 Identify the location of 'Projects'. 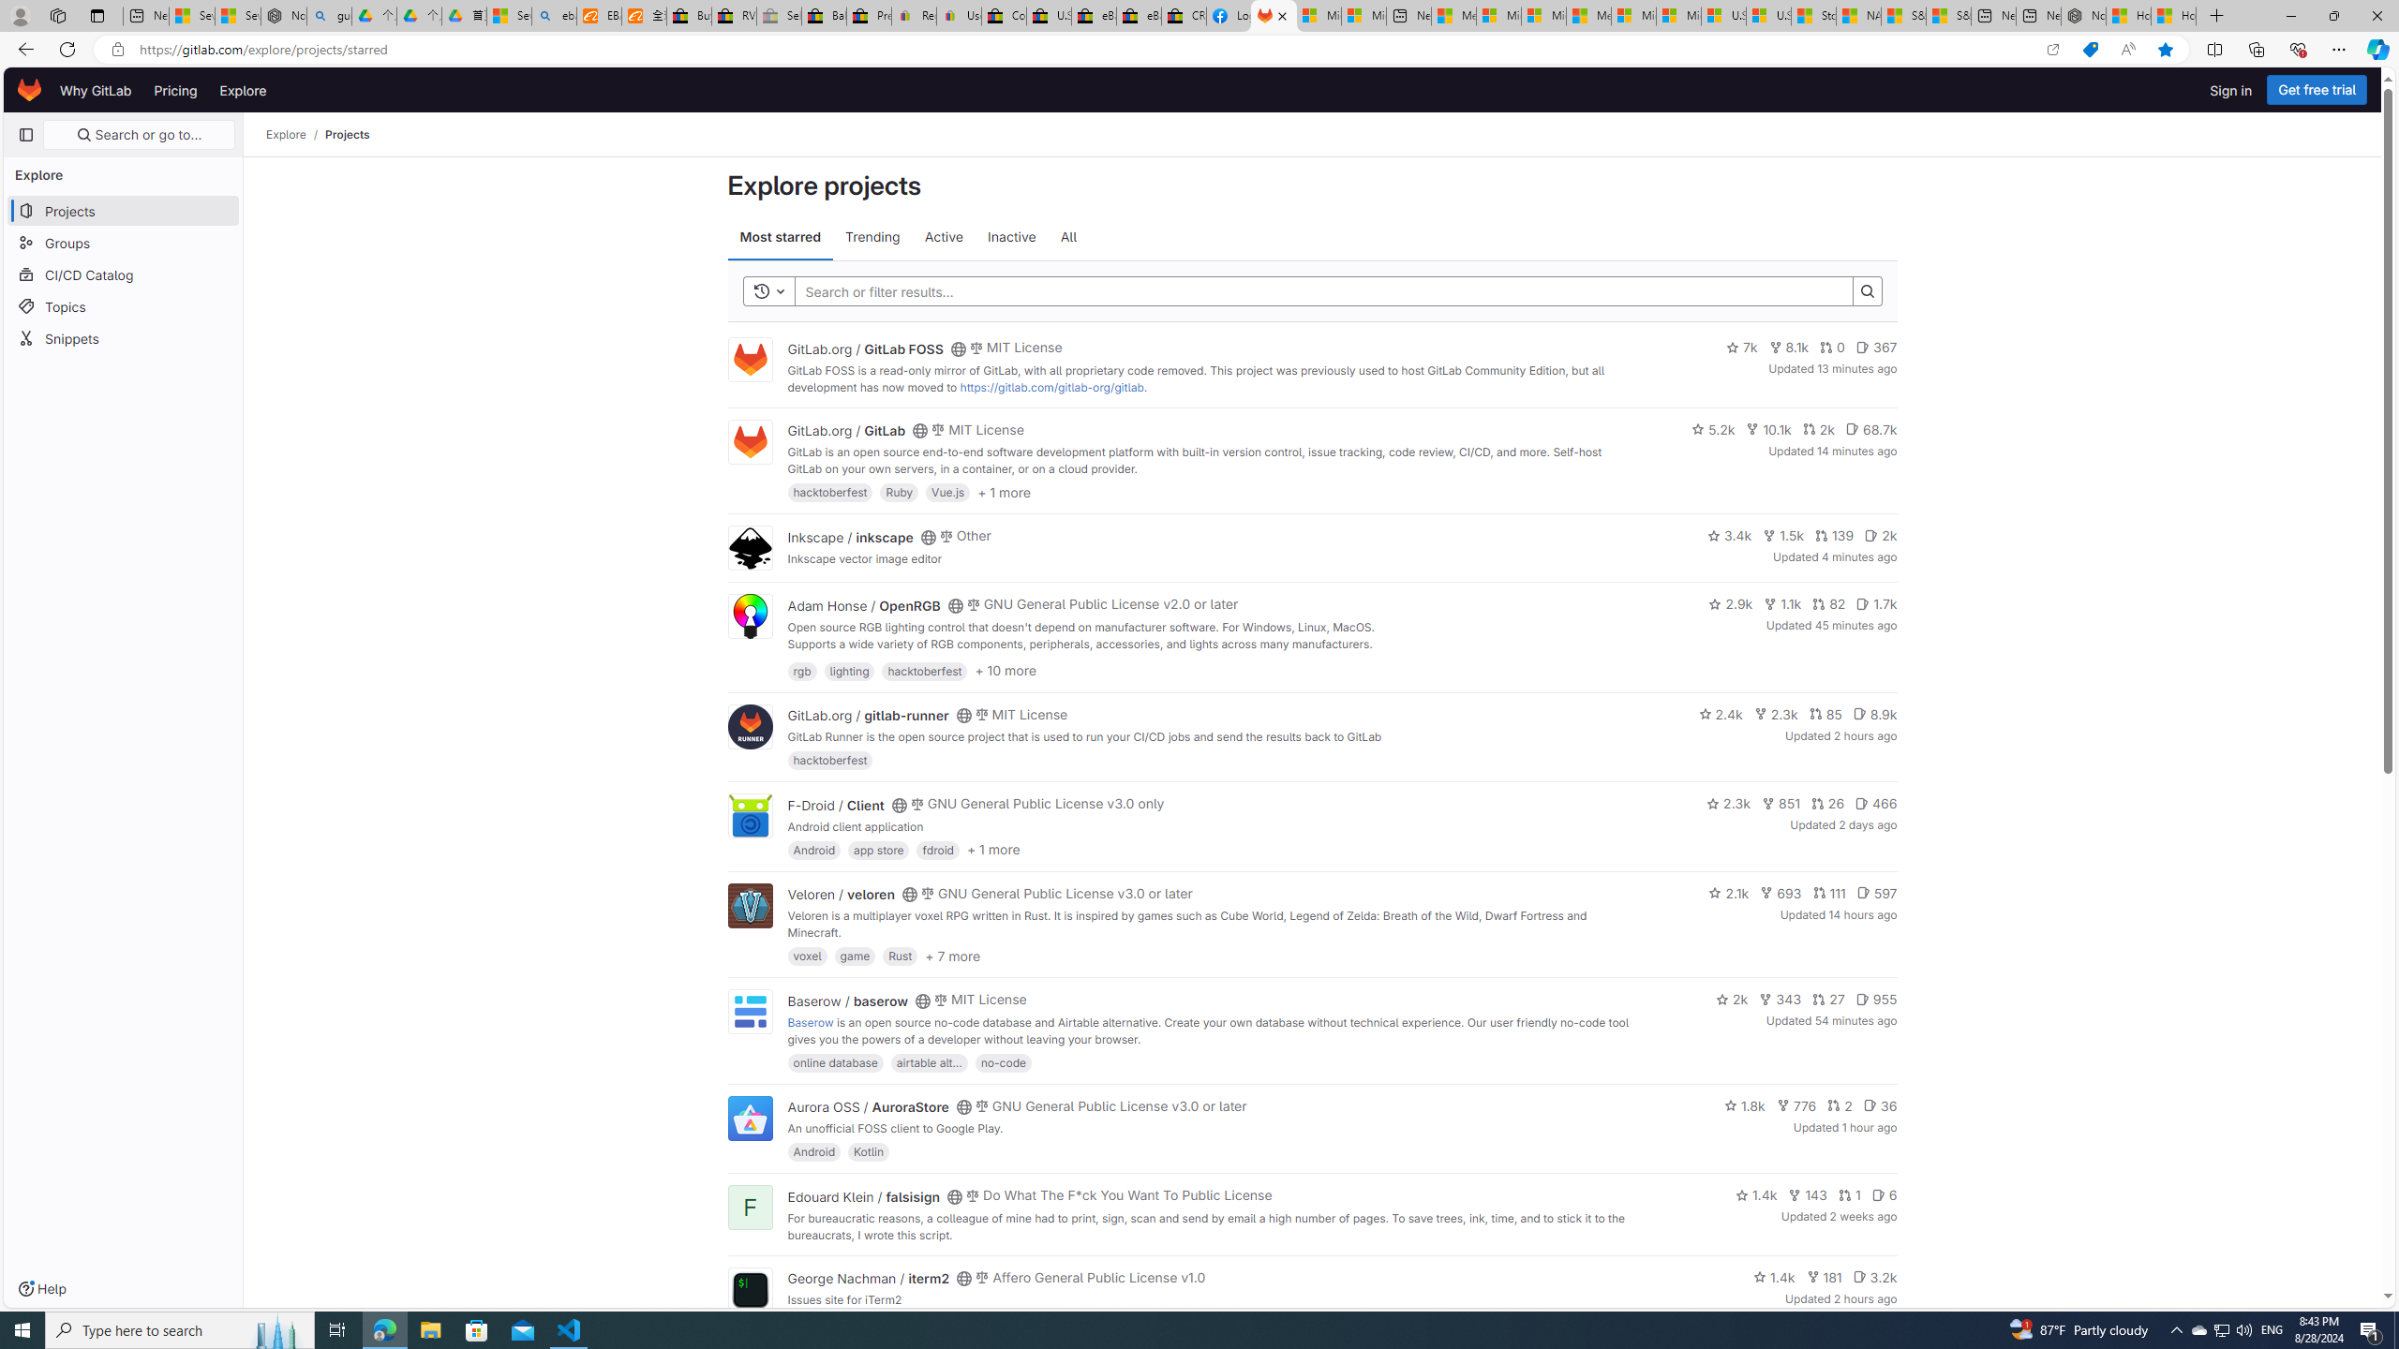
(347, 134).